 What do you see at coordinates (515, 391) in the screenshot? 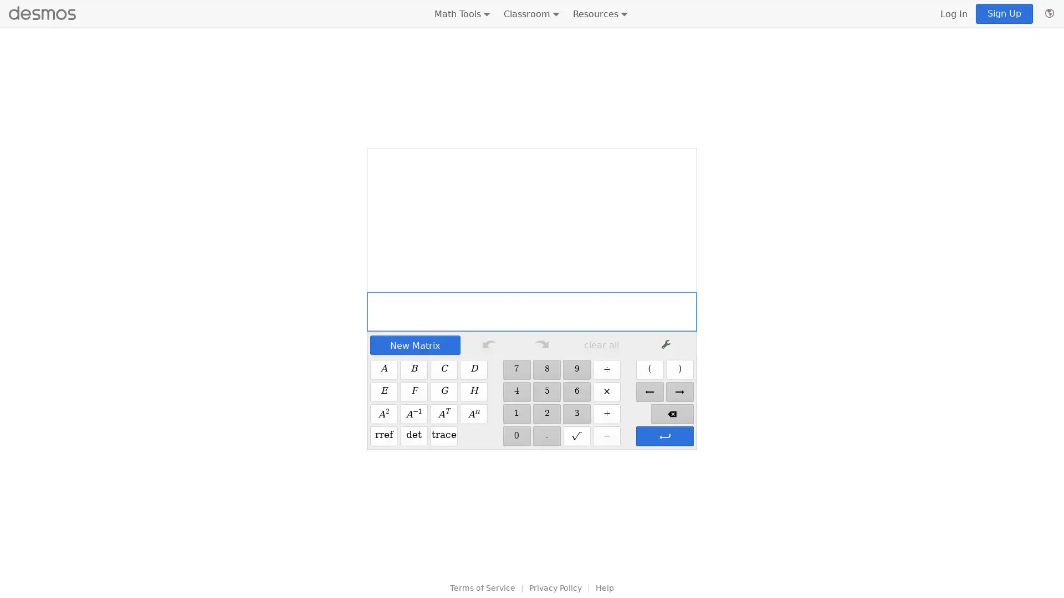
I see `4` at bounding box center [515, 391].